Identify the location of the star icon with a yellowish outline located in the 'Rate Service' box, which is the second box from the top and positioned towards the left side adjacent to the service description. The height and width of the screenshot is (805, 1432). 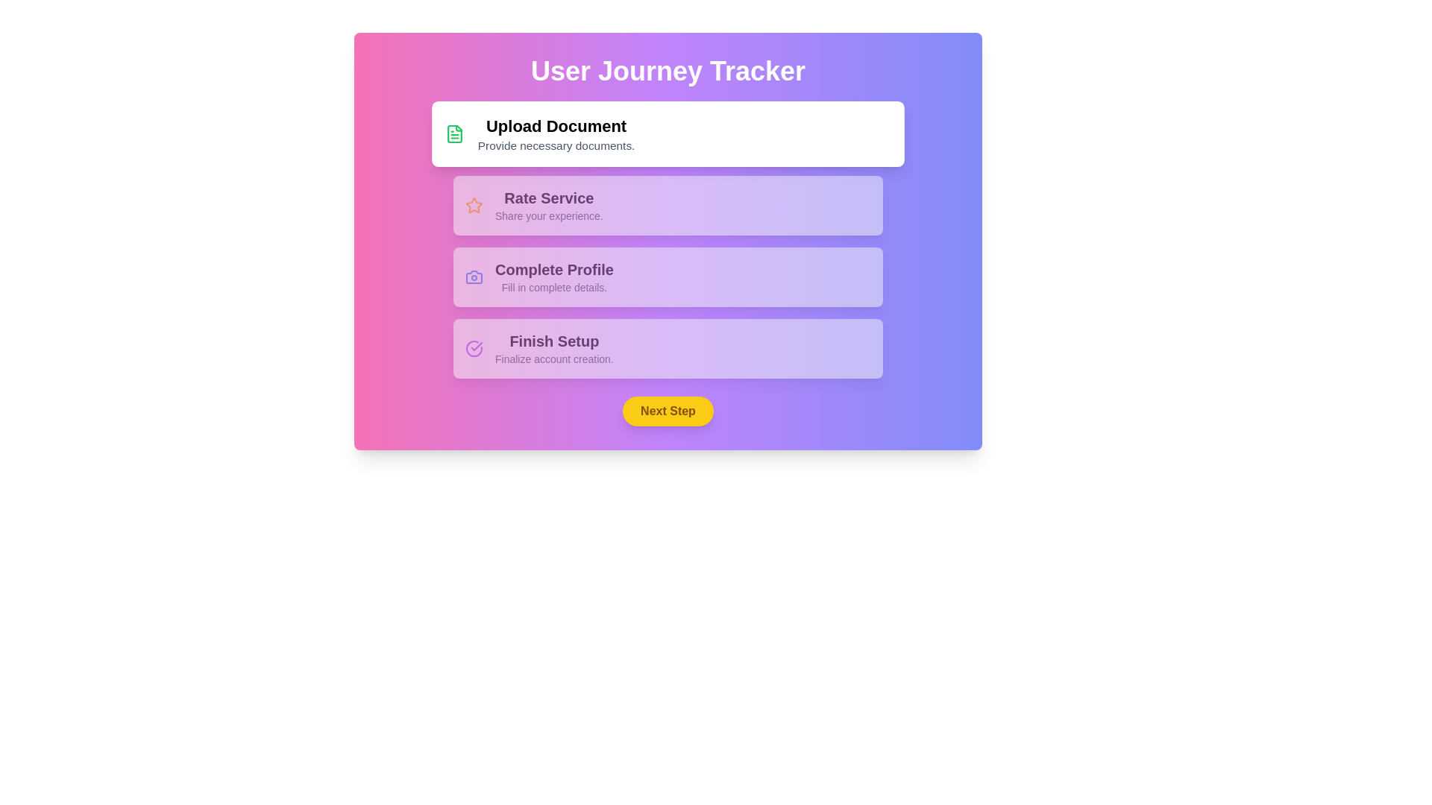
(473, 205).